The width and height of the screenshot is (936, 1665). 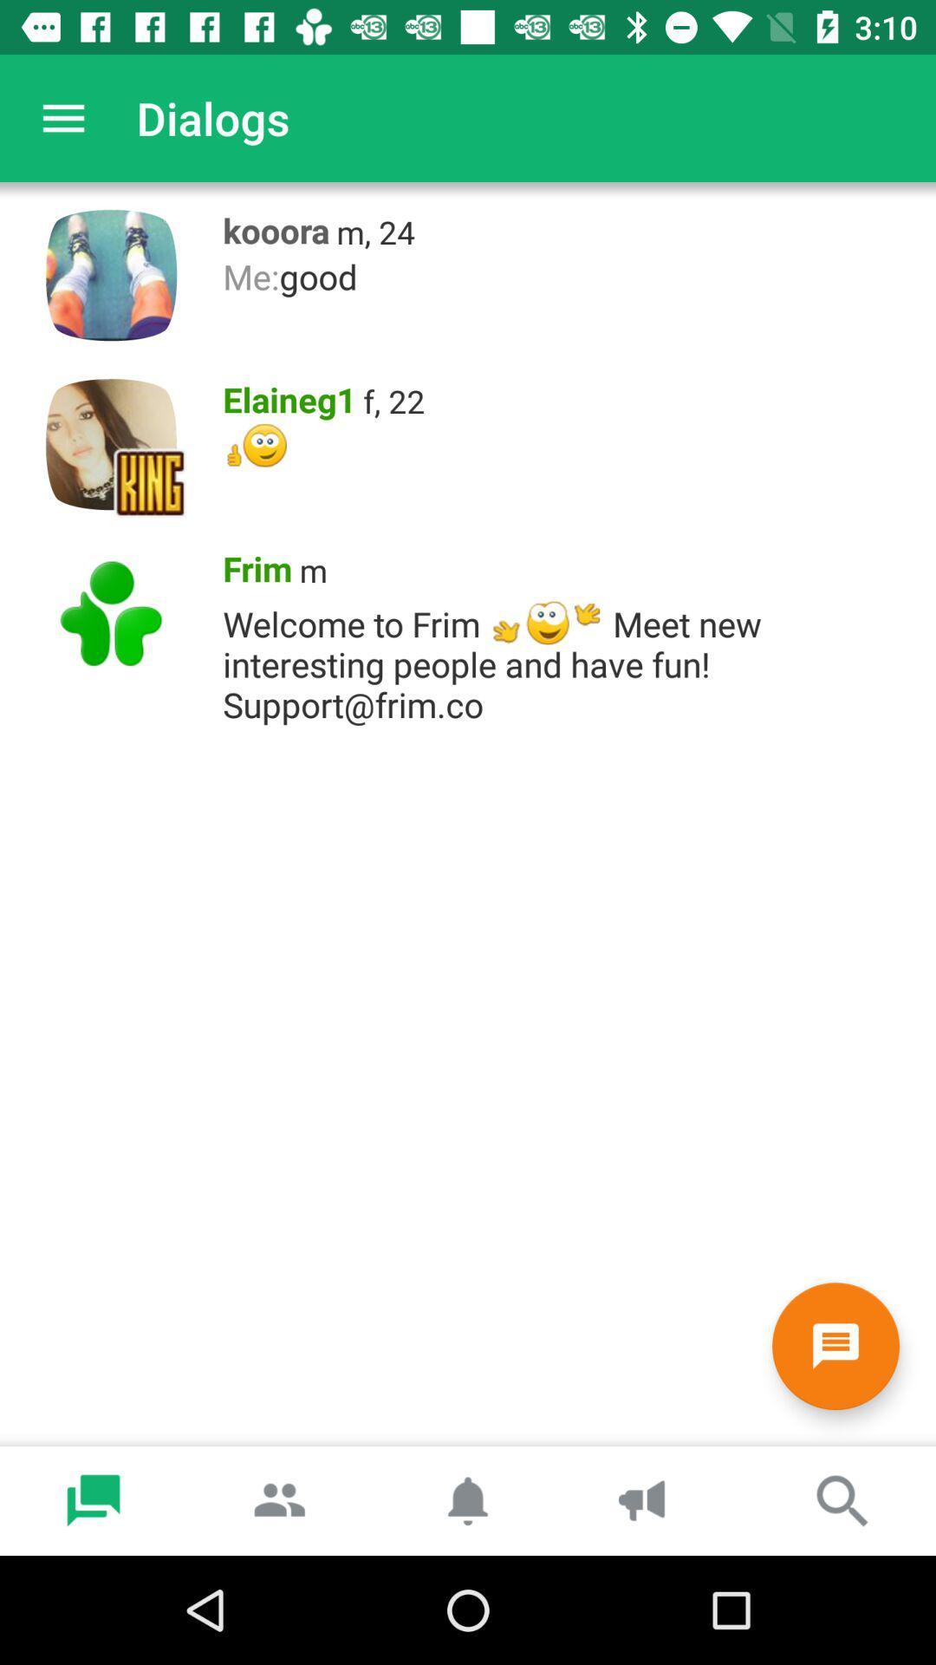 I want to click on the icon above the *t* icon, so click(x=283, y=395).